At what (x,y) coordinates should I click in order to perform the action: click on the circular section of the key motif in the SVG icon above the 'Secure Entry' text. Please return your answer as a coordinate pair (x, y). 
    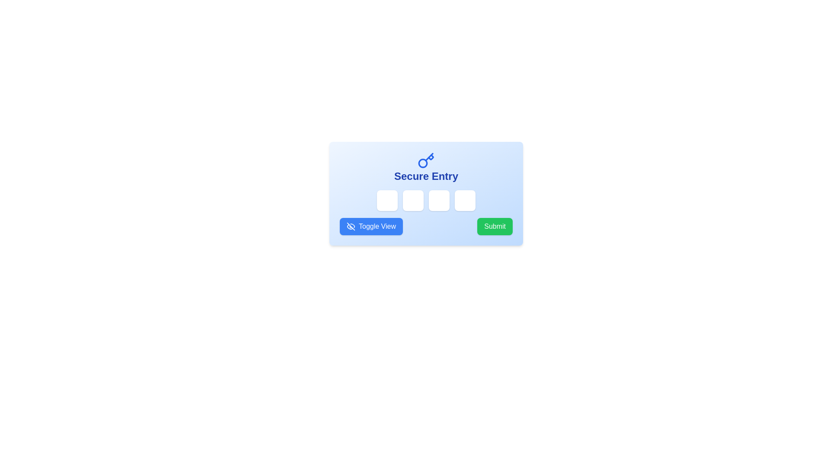
    Looking at the image, I should click on (431, 157).